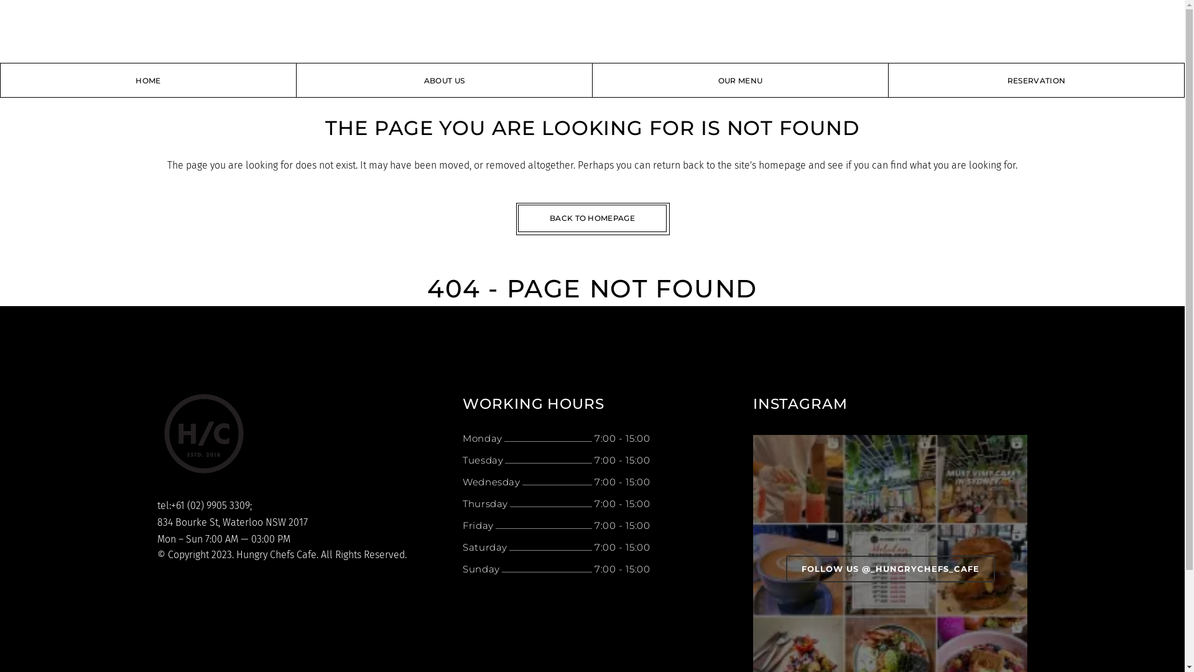 This screenshot has width=1194, height=672. I want to click on '834 Bourke St, Waterloo NSW 2017', so click(232, 522).